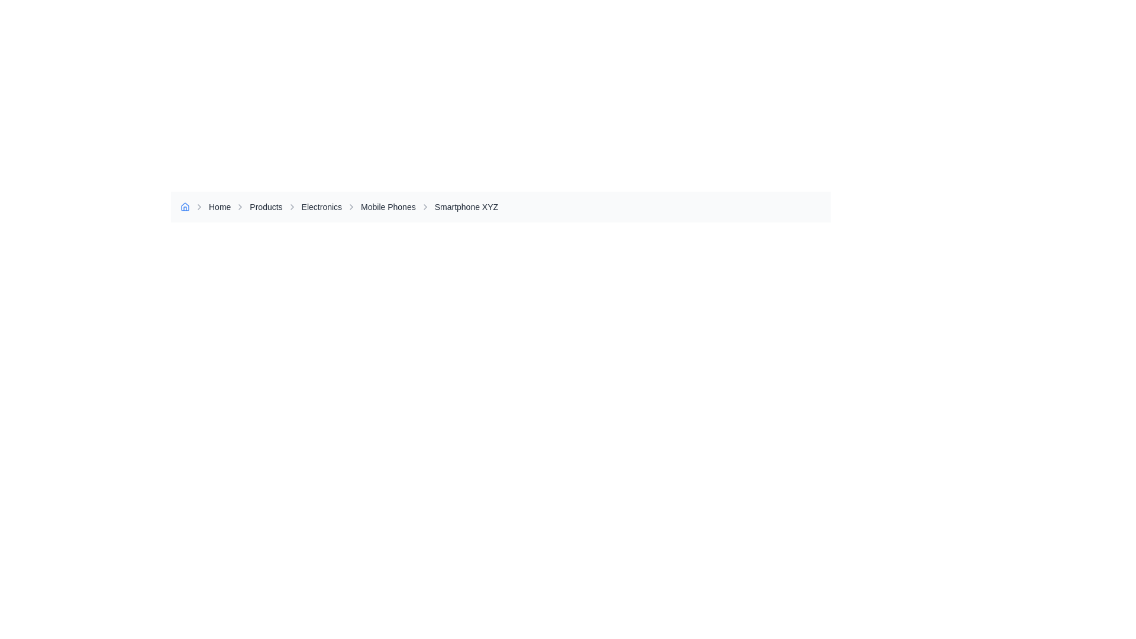 The height and width of the screenshot is (639, 1136). What do you see at coordinates (381, 206) in the screenshot?
I see `the navigational link in the breadcrumb that redirects to the 'Mobile Phones' page, located as the fourth item after 'Home', 'Products', and 'Electronics'` at bounding box center [381, 206].